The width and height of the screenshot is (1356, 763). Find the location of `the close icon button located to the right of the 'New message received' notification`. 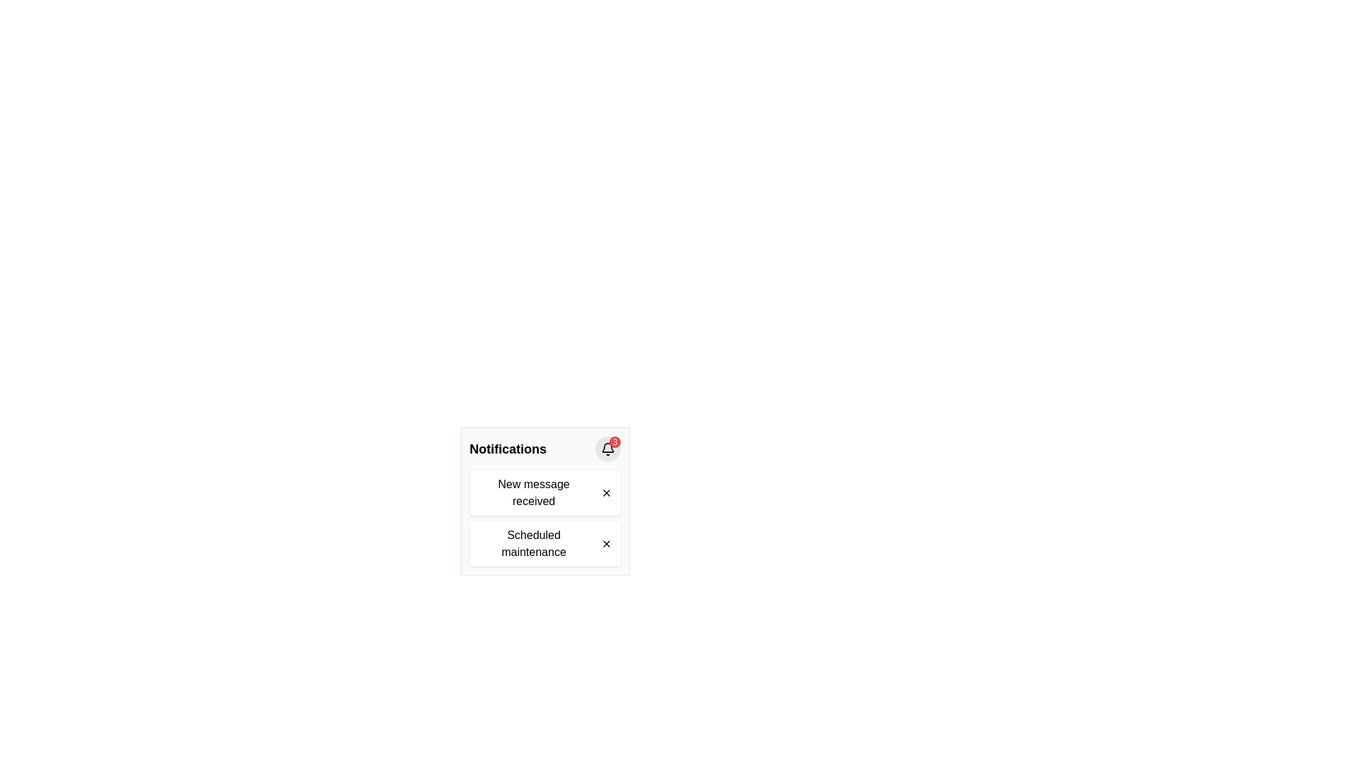

the close icon button located to the right of the 'New message received' notification is located at coordinates (607, 492).